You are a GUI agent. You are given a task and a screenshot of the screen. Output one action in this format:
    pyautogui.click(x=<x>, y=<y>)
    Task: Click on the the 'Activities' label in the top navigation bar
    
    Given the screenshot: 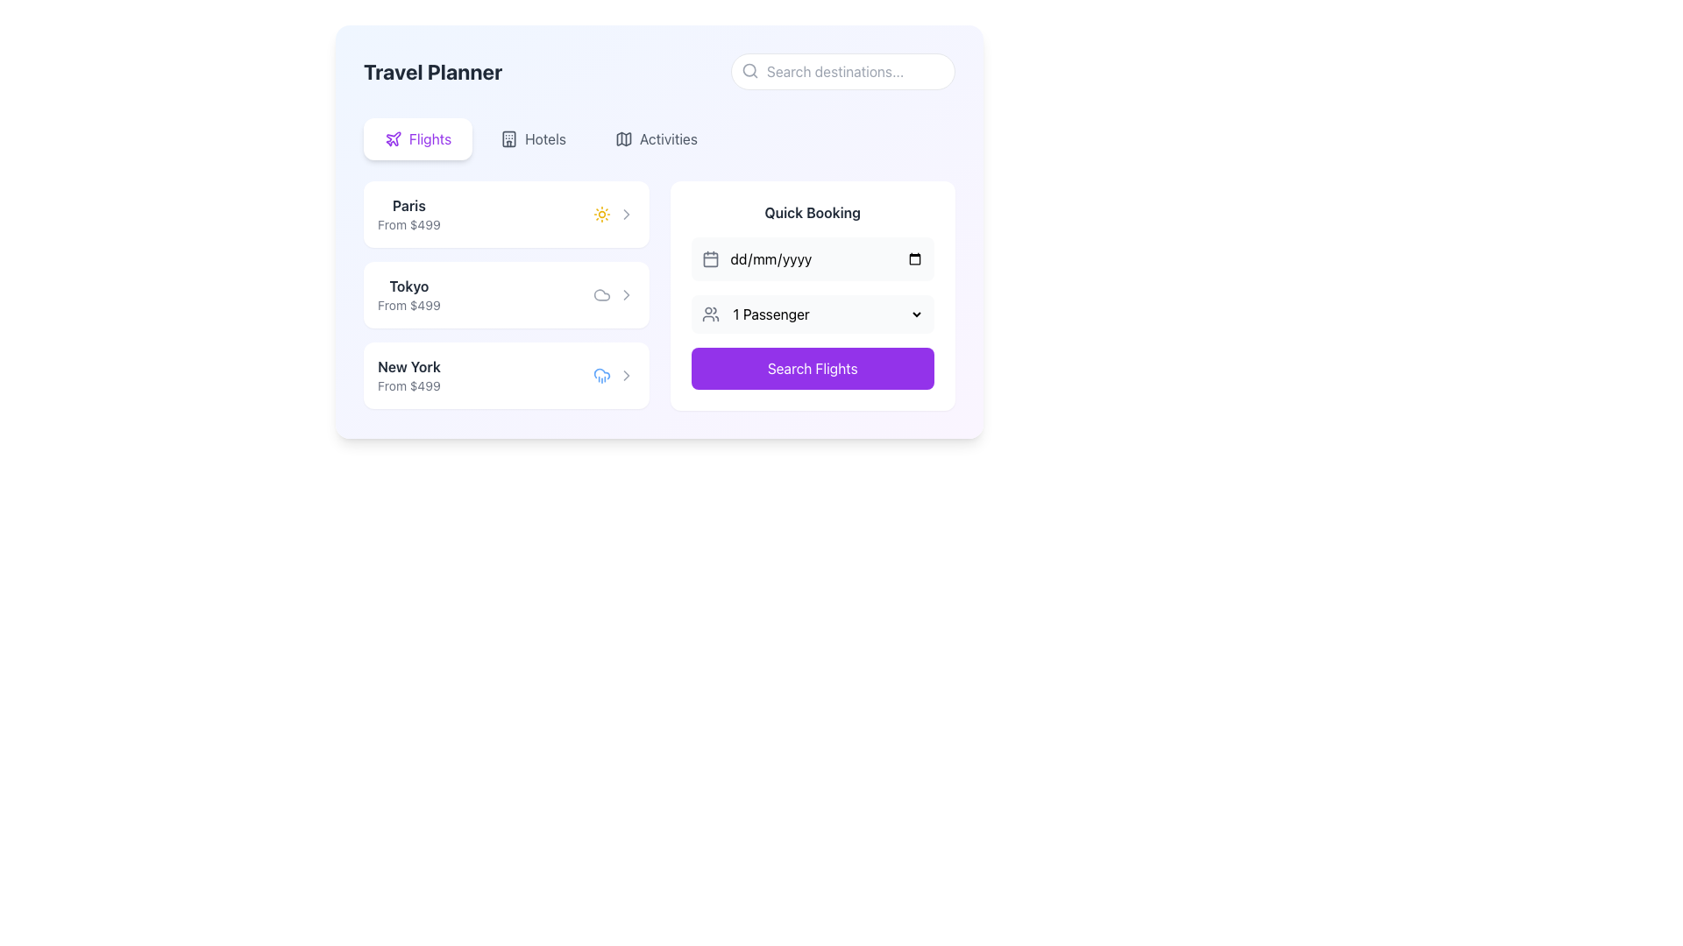 What is the action you would take?
    pyautogui.click(x=667, y=138)
    